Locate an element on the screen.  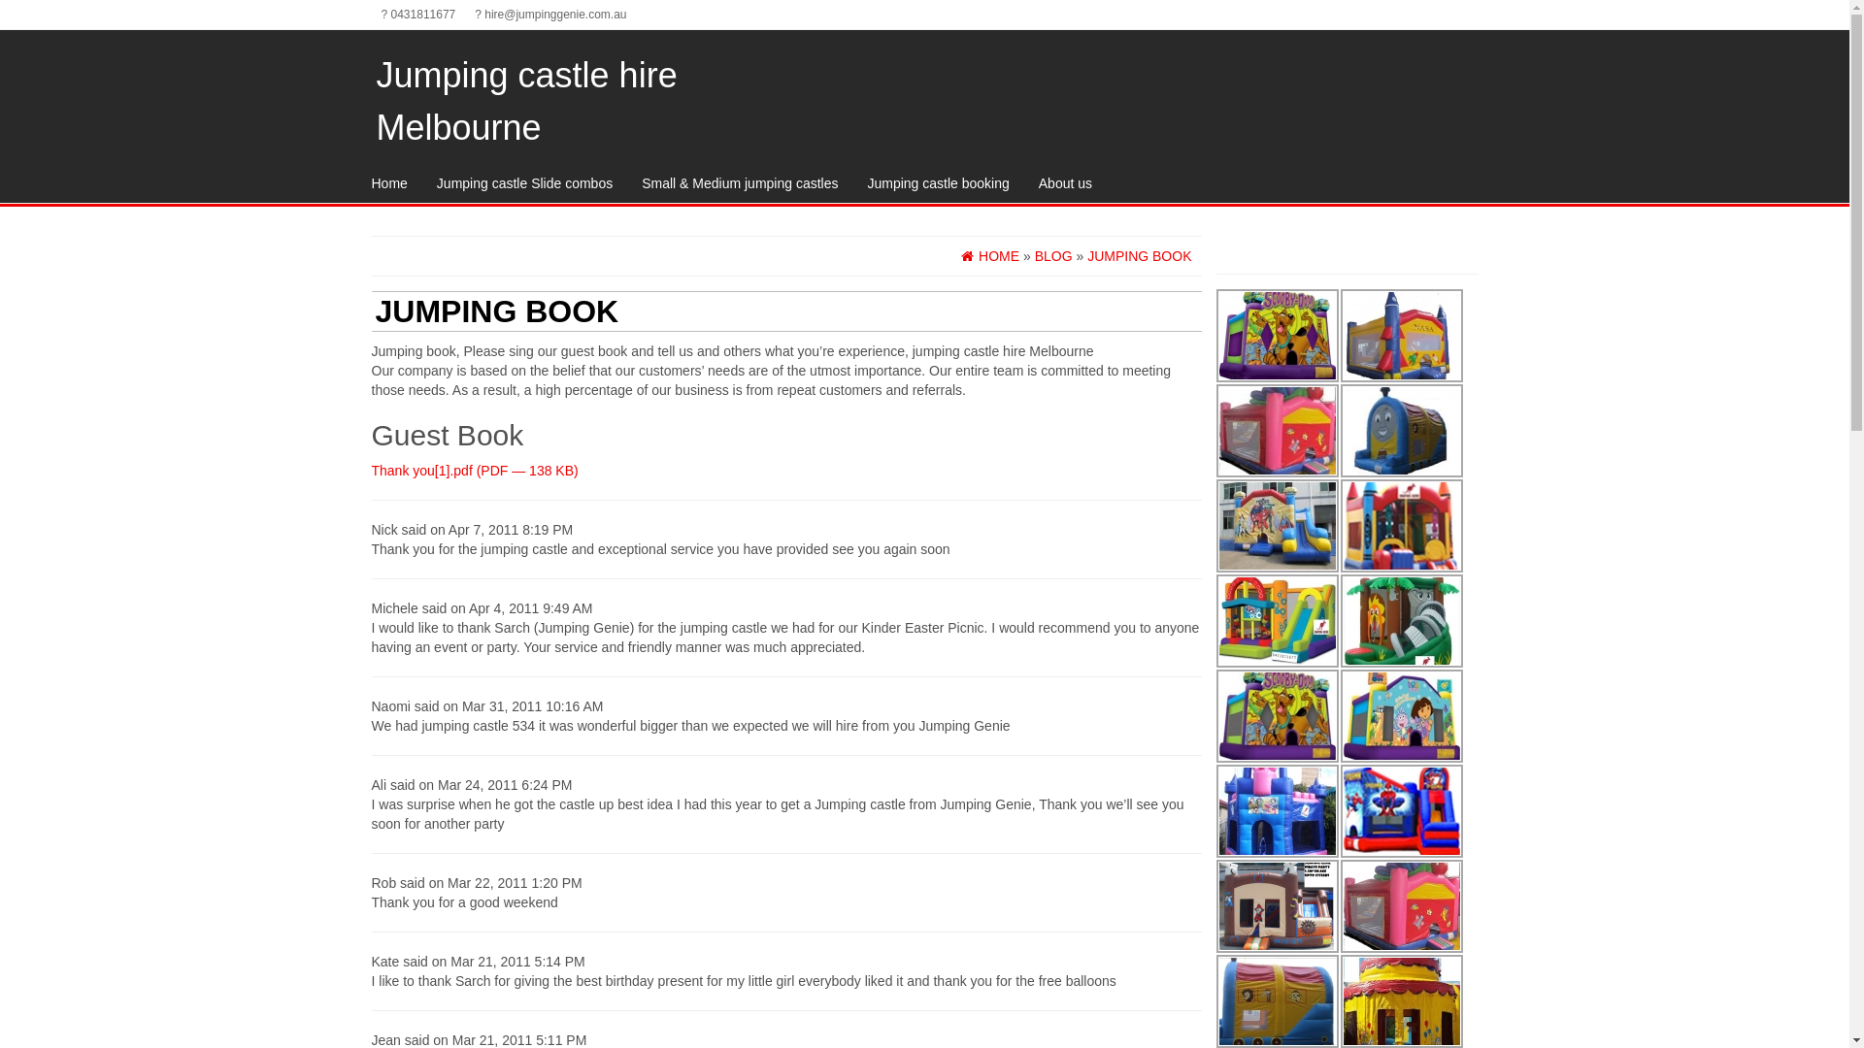
'Jumping castle booking' is located at coordinates (937, 183).